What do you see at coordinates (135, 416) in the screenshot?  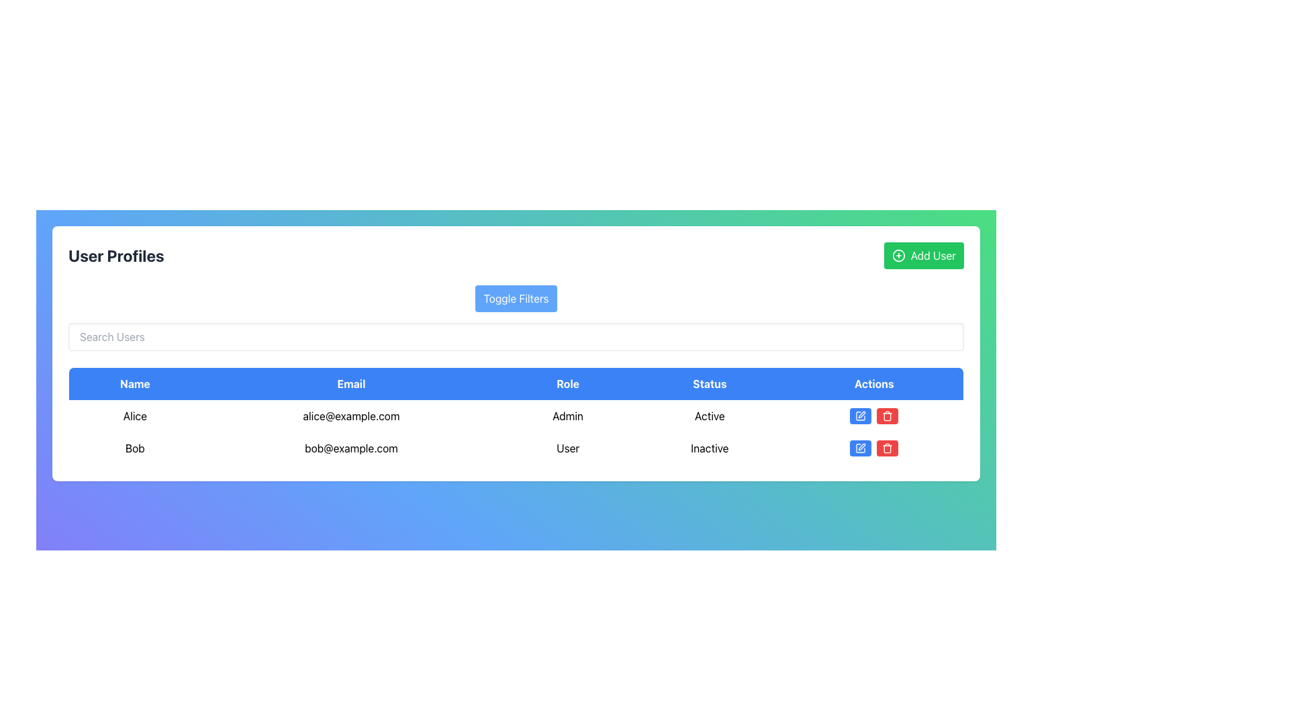 I see `the text label 'Alice' located in the 'Name' column of the second row under the 'User Profiles' section` at bounding box center [135, 416].